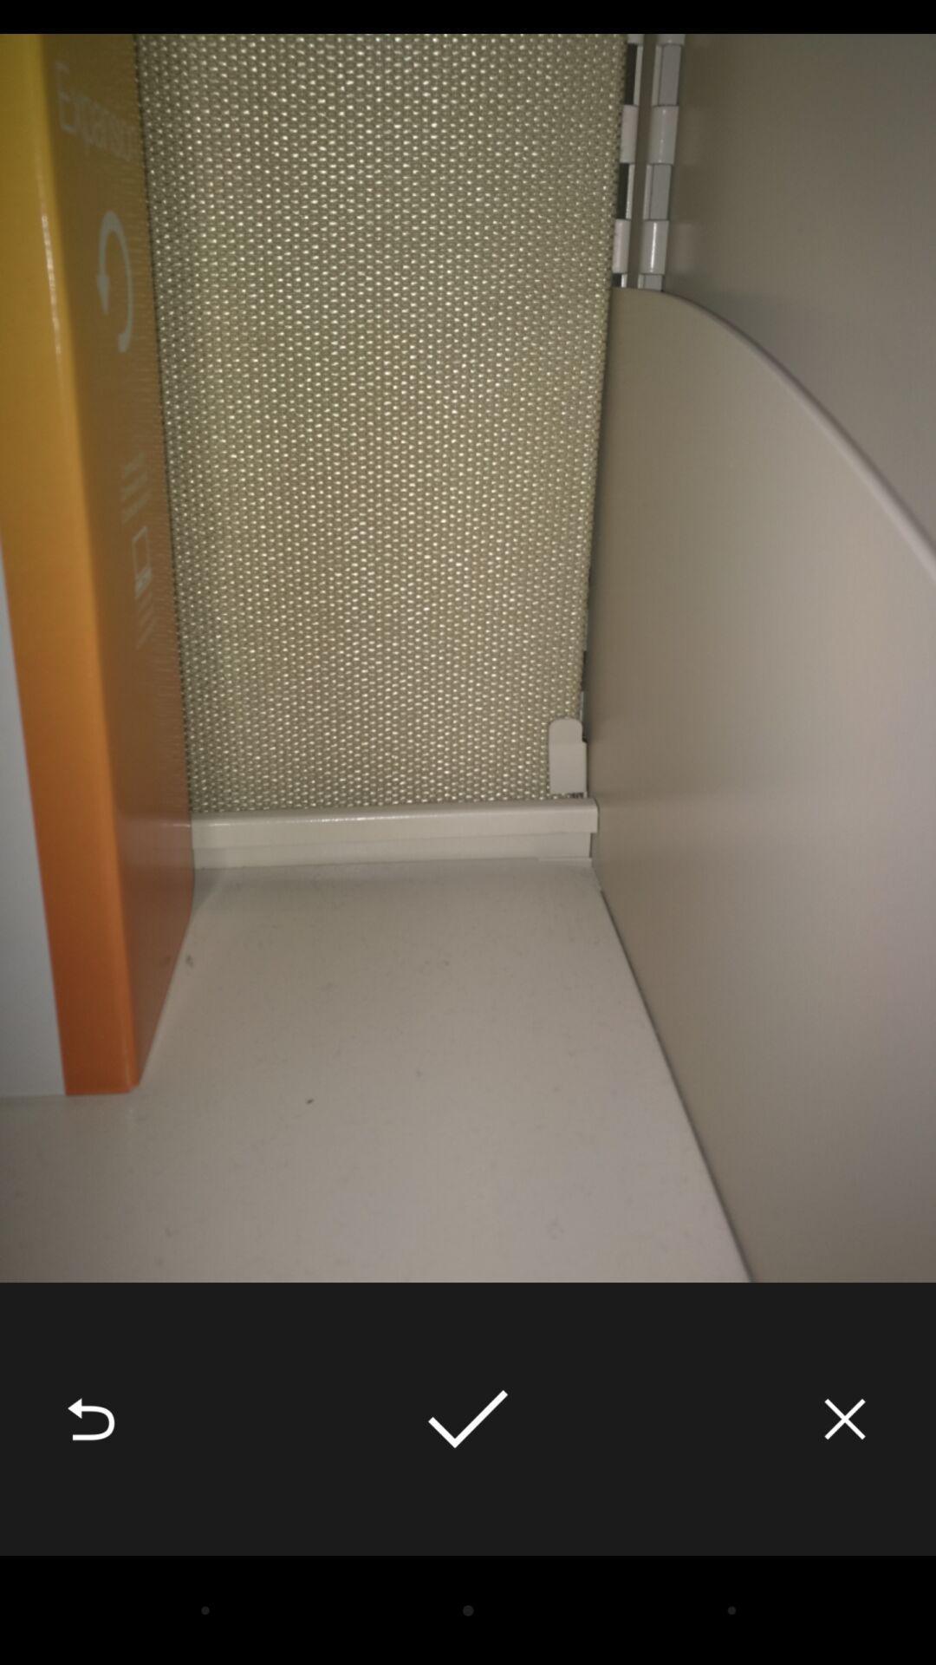 The width and height of the screenshot is (936, 1665). I want to click on icon at the bottom left corner, so click(90, 1419).